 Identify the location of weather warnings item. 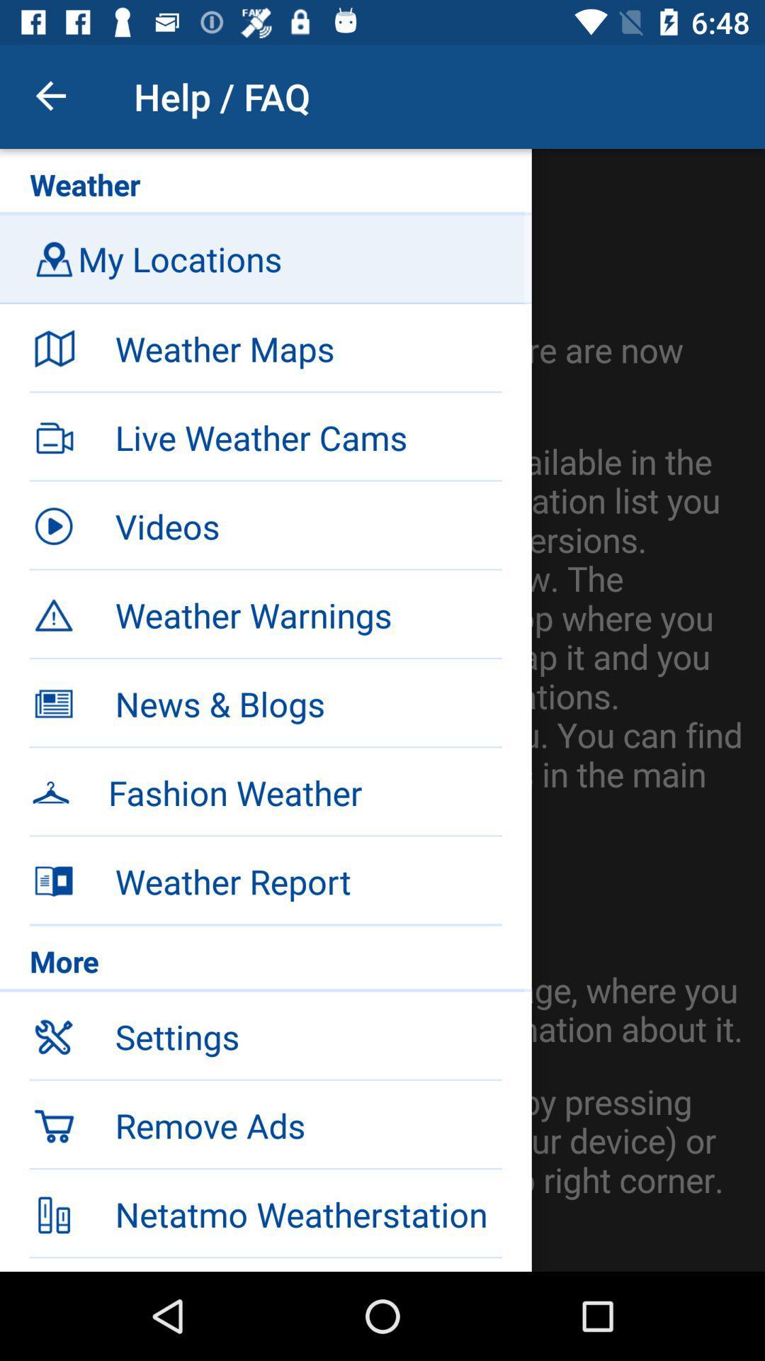
(307, 615).